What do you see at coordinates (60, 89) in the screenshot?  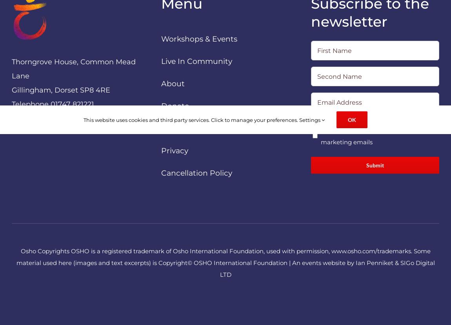 I see `'Gillingham, Dorset SP8 4RE'` at bounding box center [60, 89].